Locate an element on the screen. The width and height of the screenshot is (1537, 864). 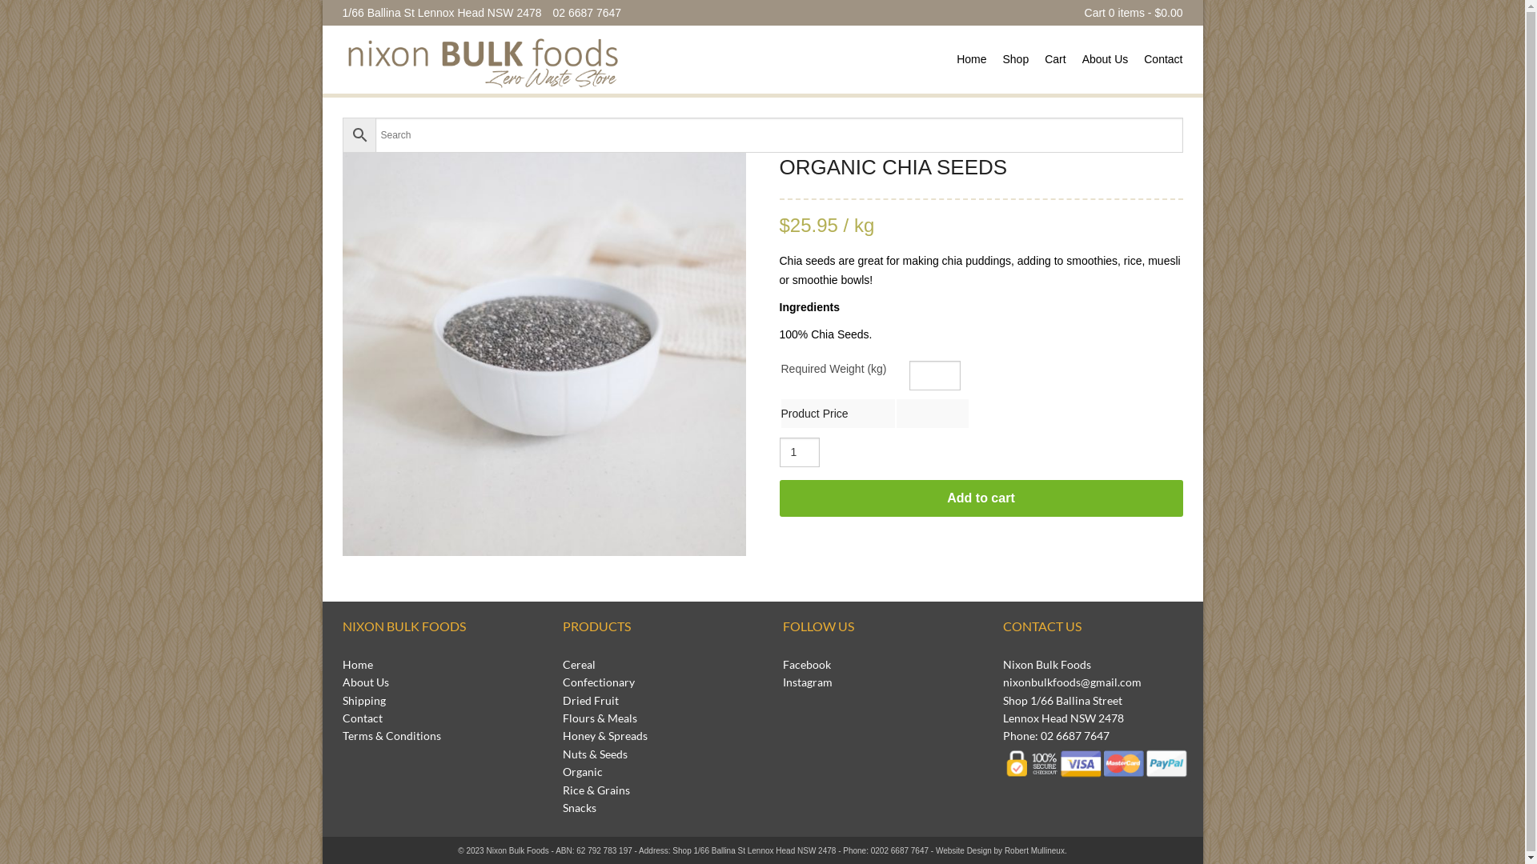
'Home' is located at coordinates (356, 664).